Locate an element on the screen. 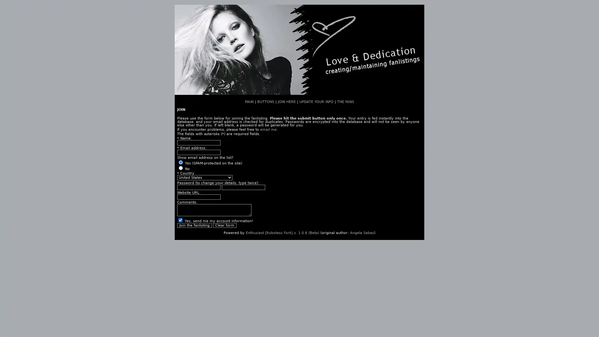  Join the fanlisting is located at coordinates (194, 225).